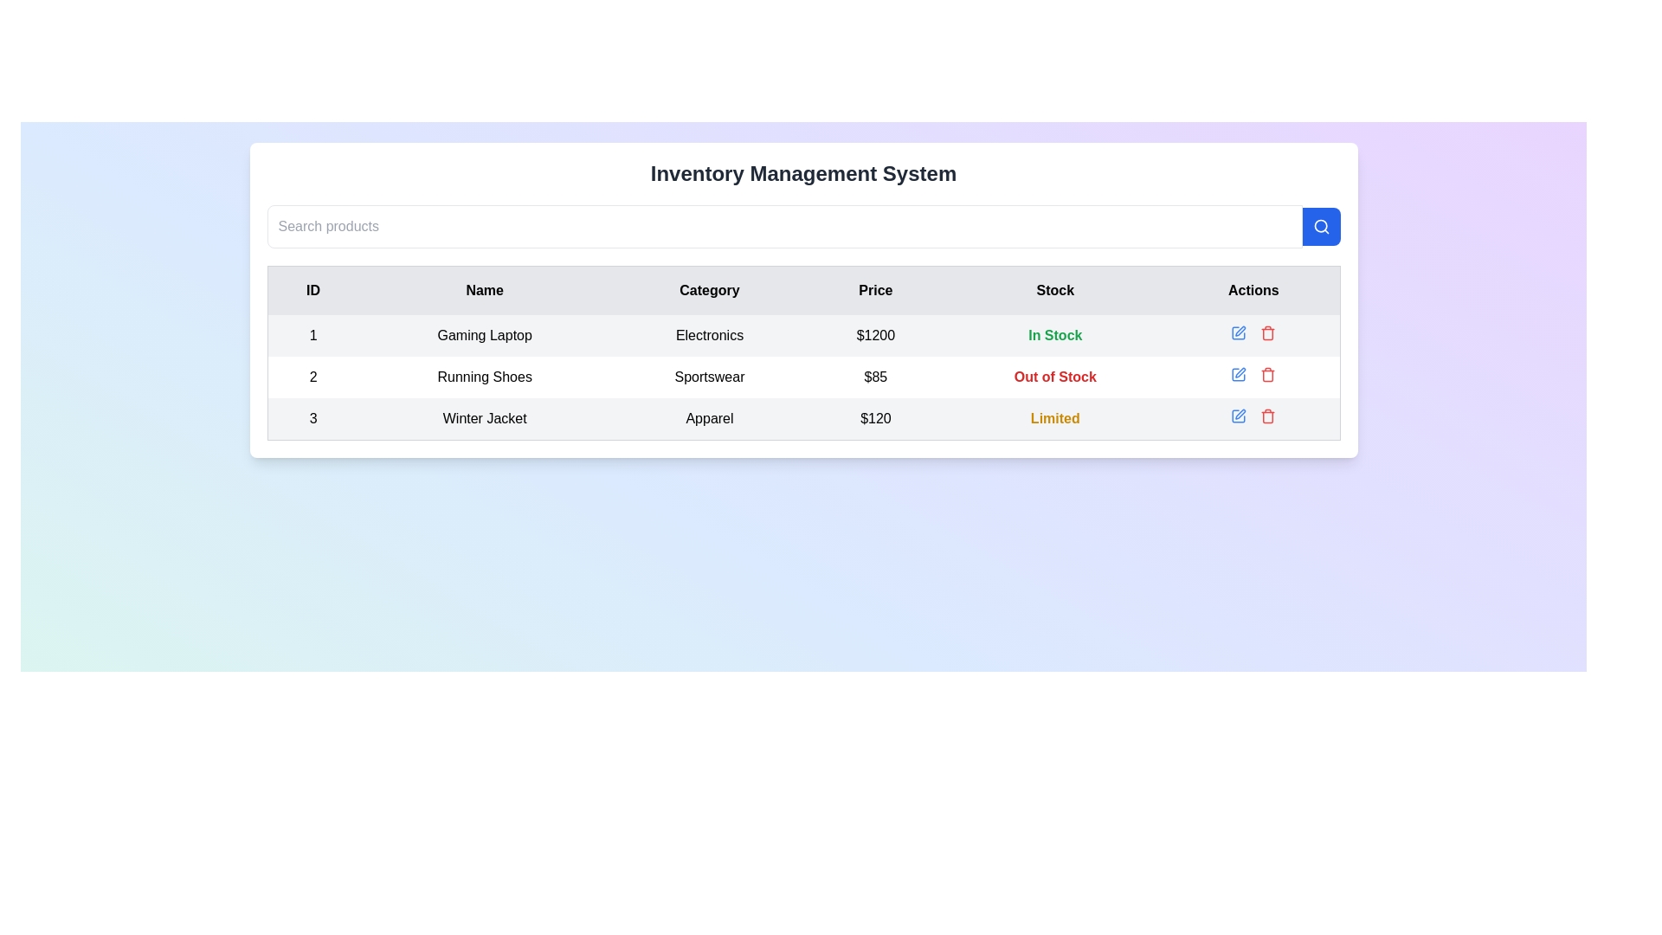  Describe the element at coordinates (875, 336) in the screenshot. I see `the price text indicating that the cost of the 'Gaming Laptop' is $1200, which is located in the fourth column of the product table` at that location.